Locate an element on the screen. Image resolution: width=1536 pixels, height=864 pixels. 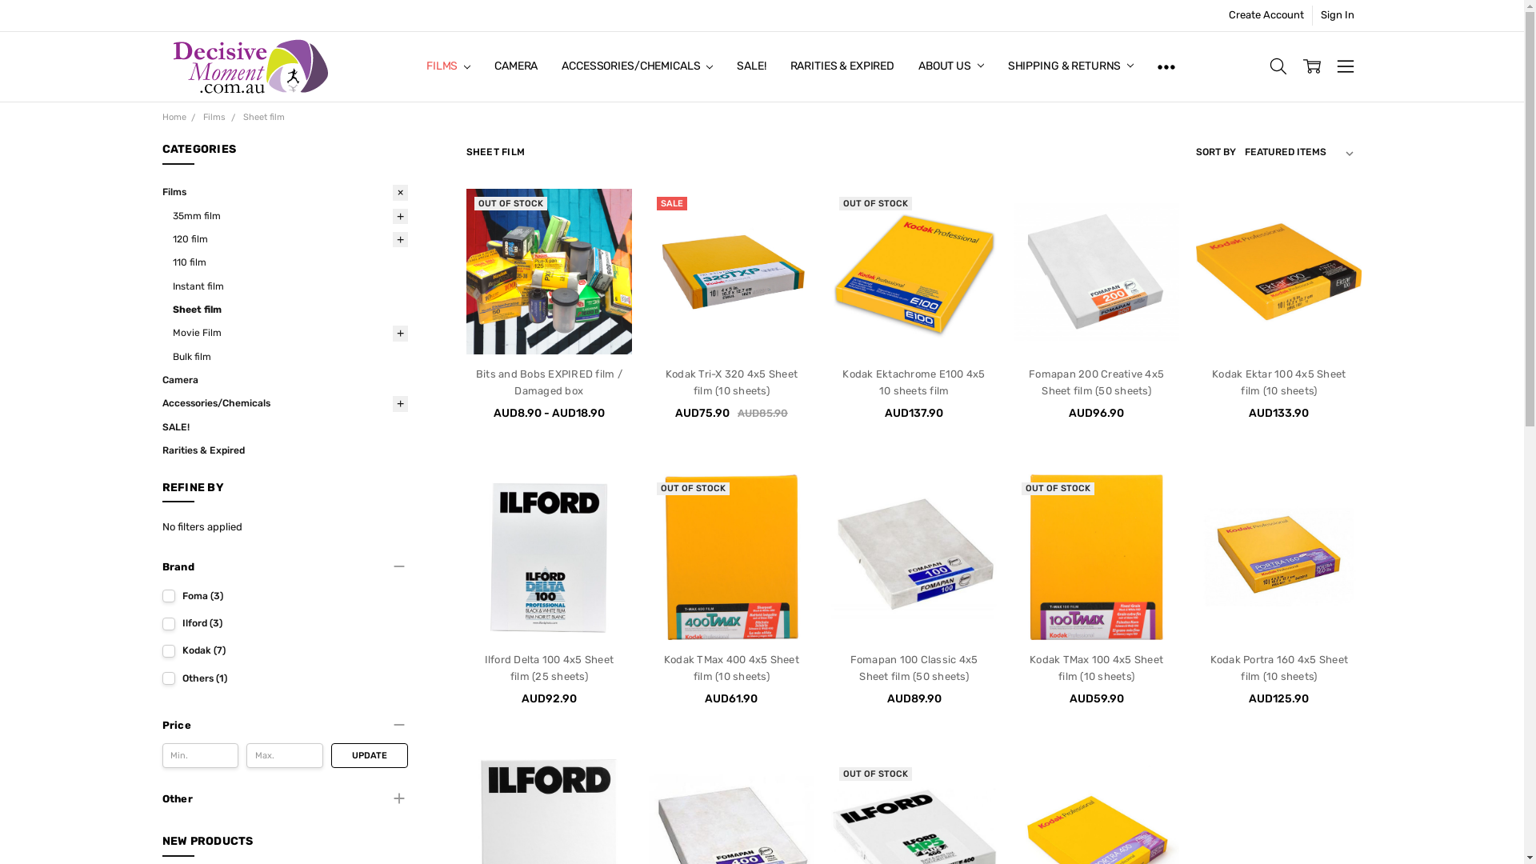
'Fomapan 200 Creative 4x5 Sheet film (50 sheets)' is located at coordinates (1095, 382).